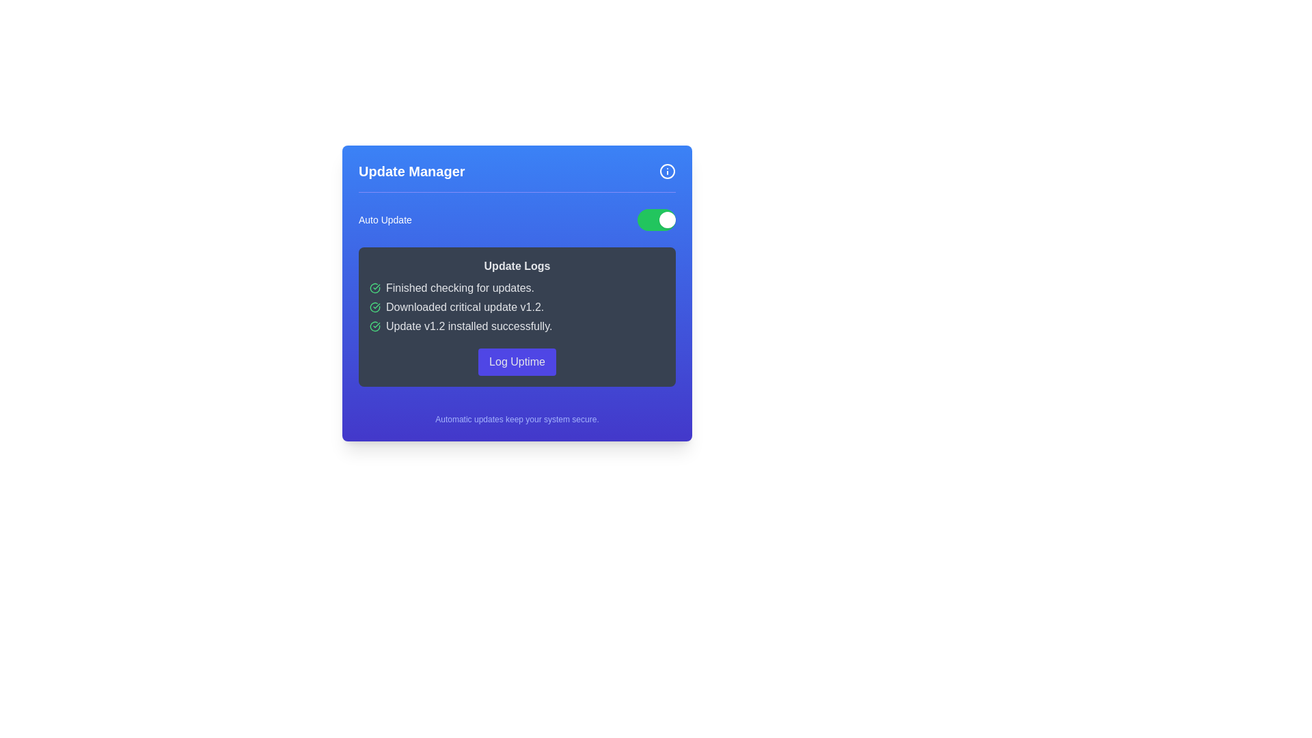 The image size is (1312, 738). Describe the element at coordinates (517, 307) in the screenshot. I see `the text element indicating that the critical update version 1.2 has been successfully downloaded, which is located in the 'Update Logs' section, positioned between 'Finished checking for updates.' and 'Update v1.2 installed successfully.'` at that location.